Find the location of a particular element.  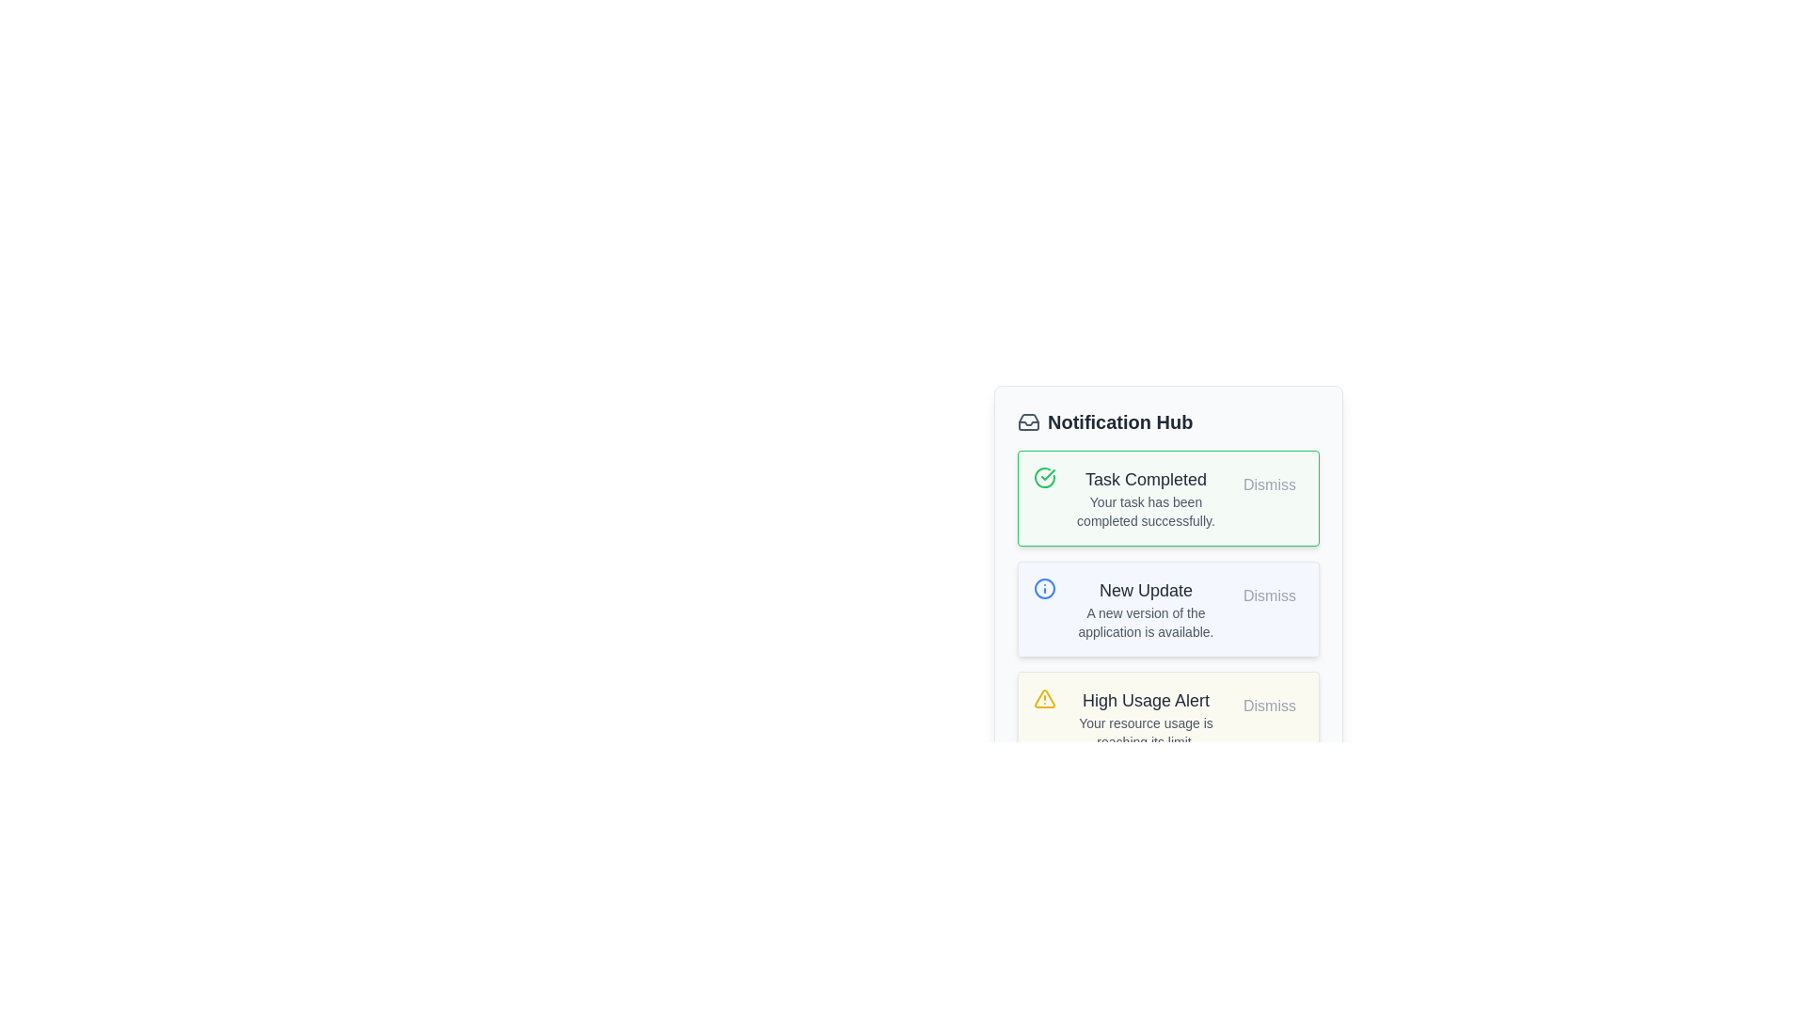

the button located in the top-right corner of the notification box labeled 'Task Completed Your task has been completed successfully.' to change its style is located at coordinates (1269, 484).